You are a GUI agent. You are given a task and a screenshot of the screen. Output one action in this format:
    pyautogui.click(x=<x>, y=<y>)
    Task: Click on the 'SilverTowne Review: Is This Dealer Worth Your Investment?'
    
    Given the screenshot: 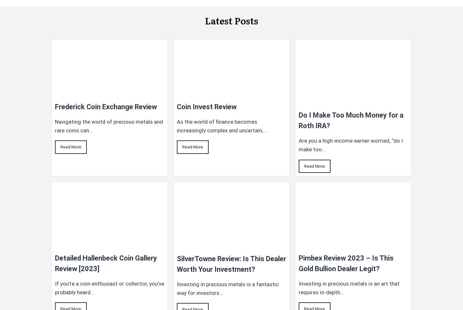 What is the action you would take?
    pyautogui.click(x=231, y=263)
    